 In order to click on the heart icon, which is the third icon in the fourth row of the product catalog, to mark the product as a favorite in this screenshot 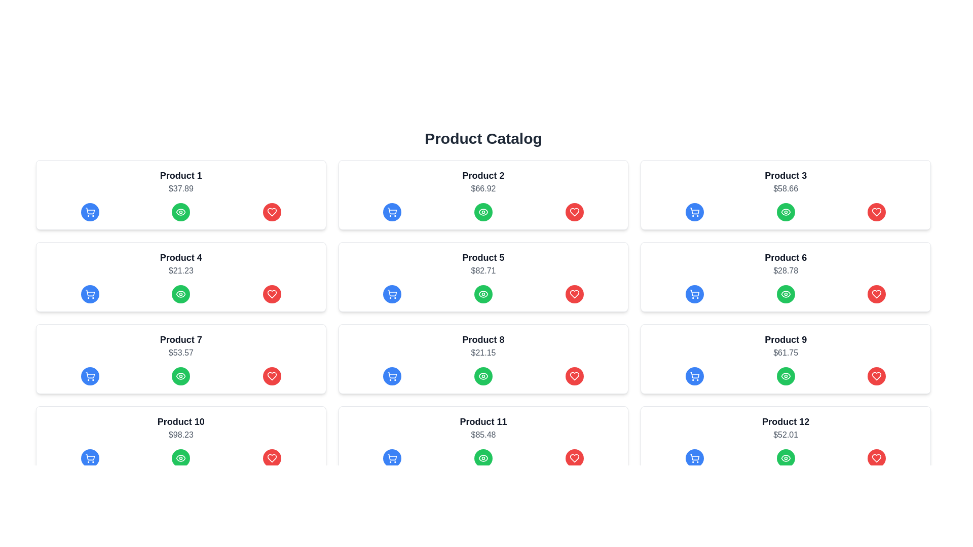, I will do `click(272, 294)`.